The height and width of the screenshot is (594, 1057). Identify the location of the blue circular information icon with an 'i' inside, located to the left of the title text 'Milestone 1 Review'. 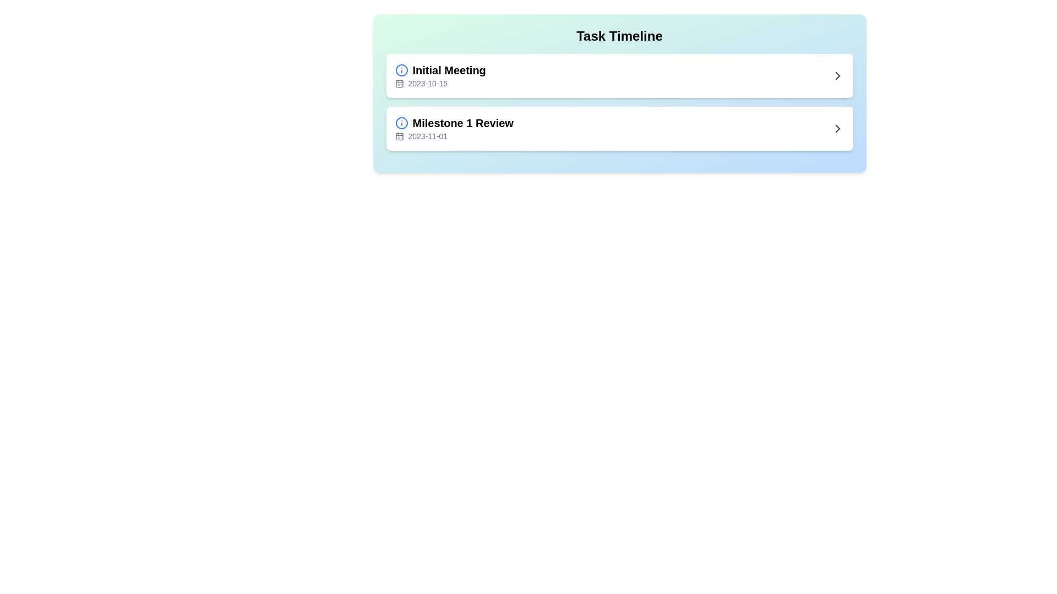
(401, 123).